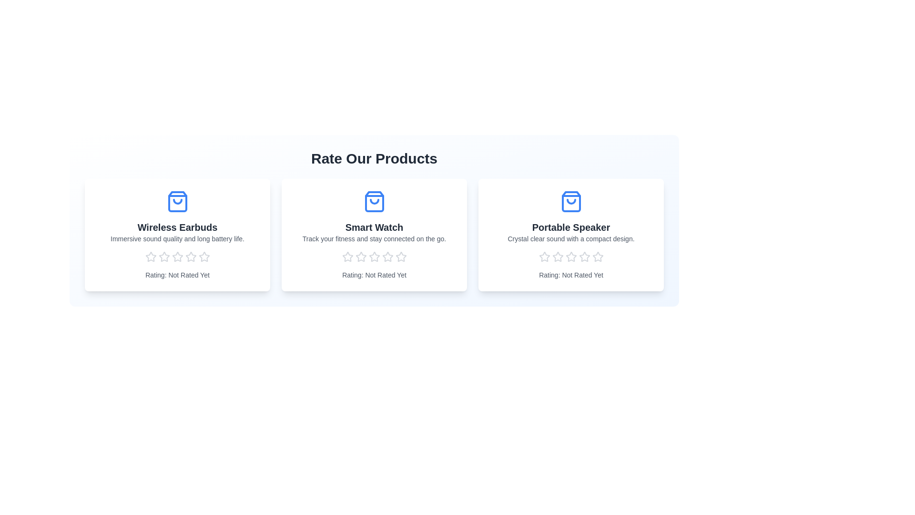  What do you see at coordinates (177, 238) in the screenshot?
I see `the description of the product Wireless Earbuds` at bounding box center [177, 238].